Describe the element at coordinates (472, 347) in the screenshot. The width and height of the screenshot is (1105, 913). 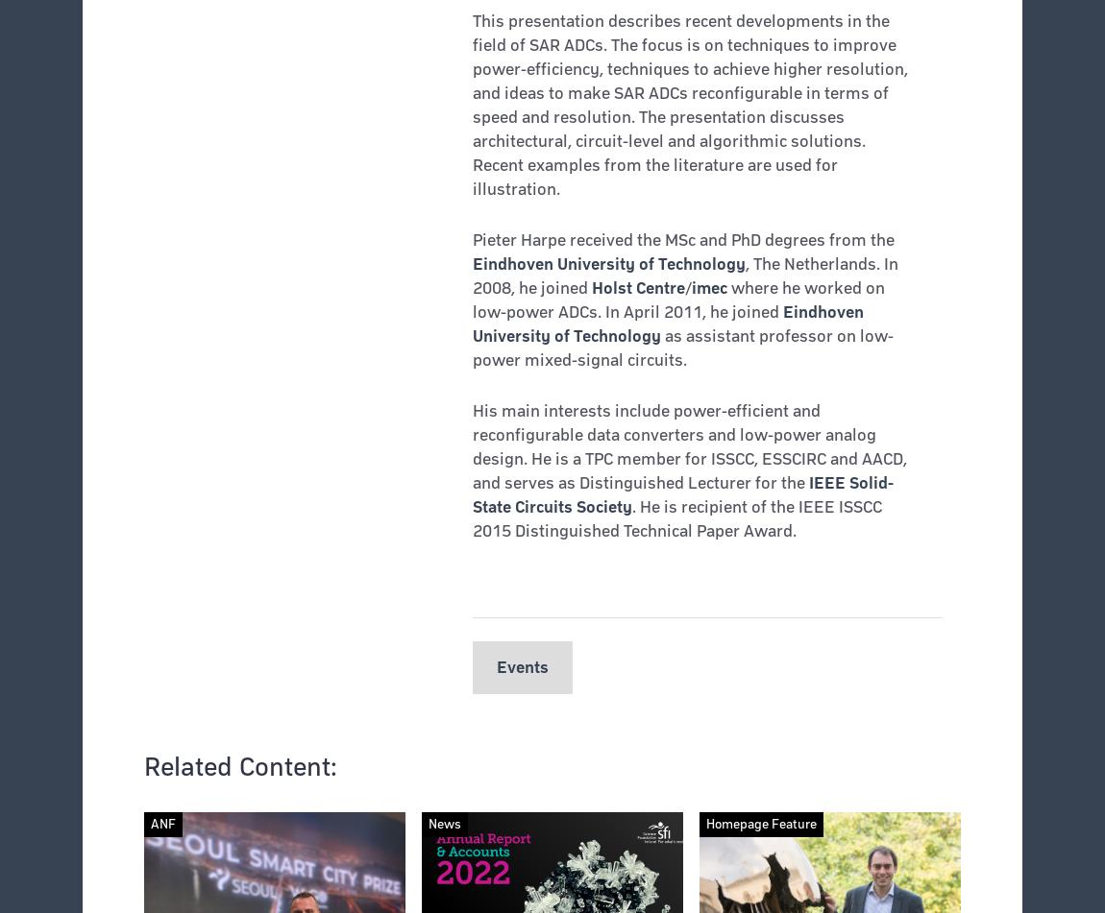
I see `'as assistant professor on low-power mixed-signal circuits.'` at that location.